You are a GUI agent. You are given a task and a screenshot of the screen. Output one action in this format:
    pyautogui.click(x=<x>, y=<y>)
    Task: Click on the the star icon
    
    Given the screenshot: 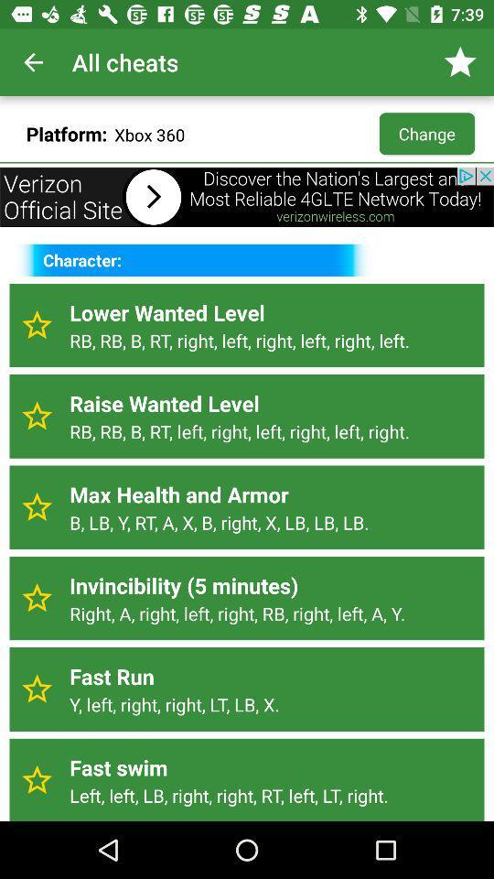 What is the action you would take?
    pyautogui.click(x=37, y=597)
    